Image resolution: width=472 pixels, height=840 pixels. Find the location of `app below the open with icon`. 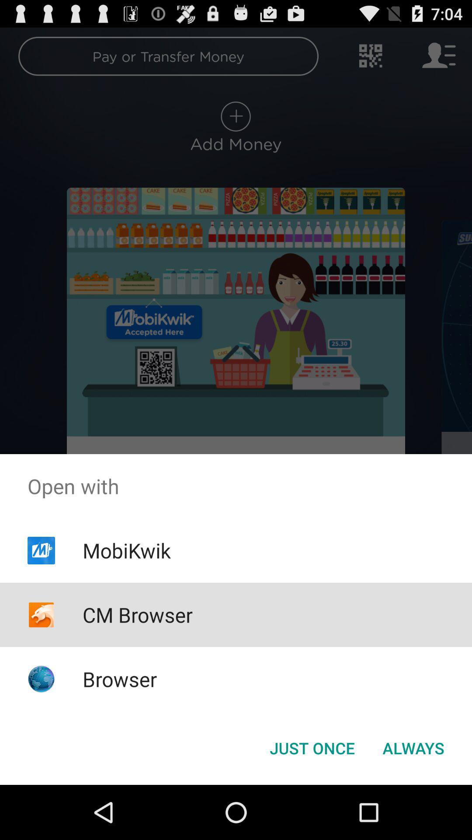

app below the open with icon is located at coordinates (126, 550).